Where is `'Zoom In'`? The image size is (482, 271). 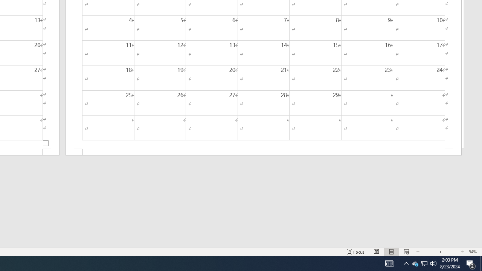
'Zoom In' is located at coordinates (449, 252).